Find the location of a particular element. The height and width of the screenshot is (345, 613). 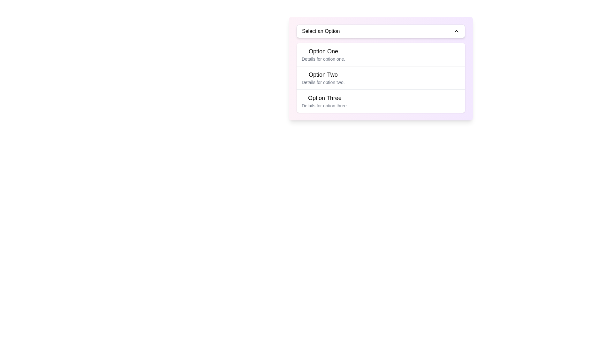

the chevron icon located on the far right-hand side of the 'Select an Option' button is located at coordinates (456, 31).